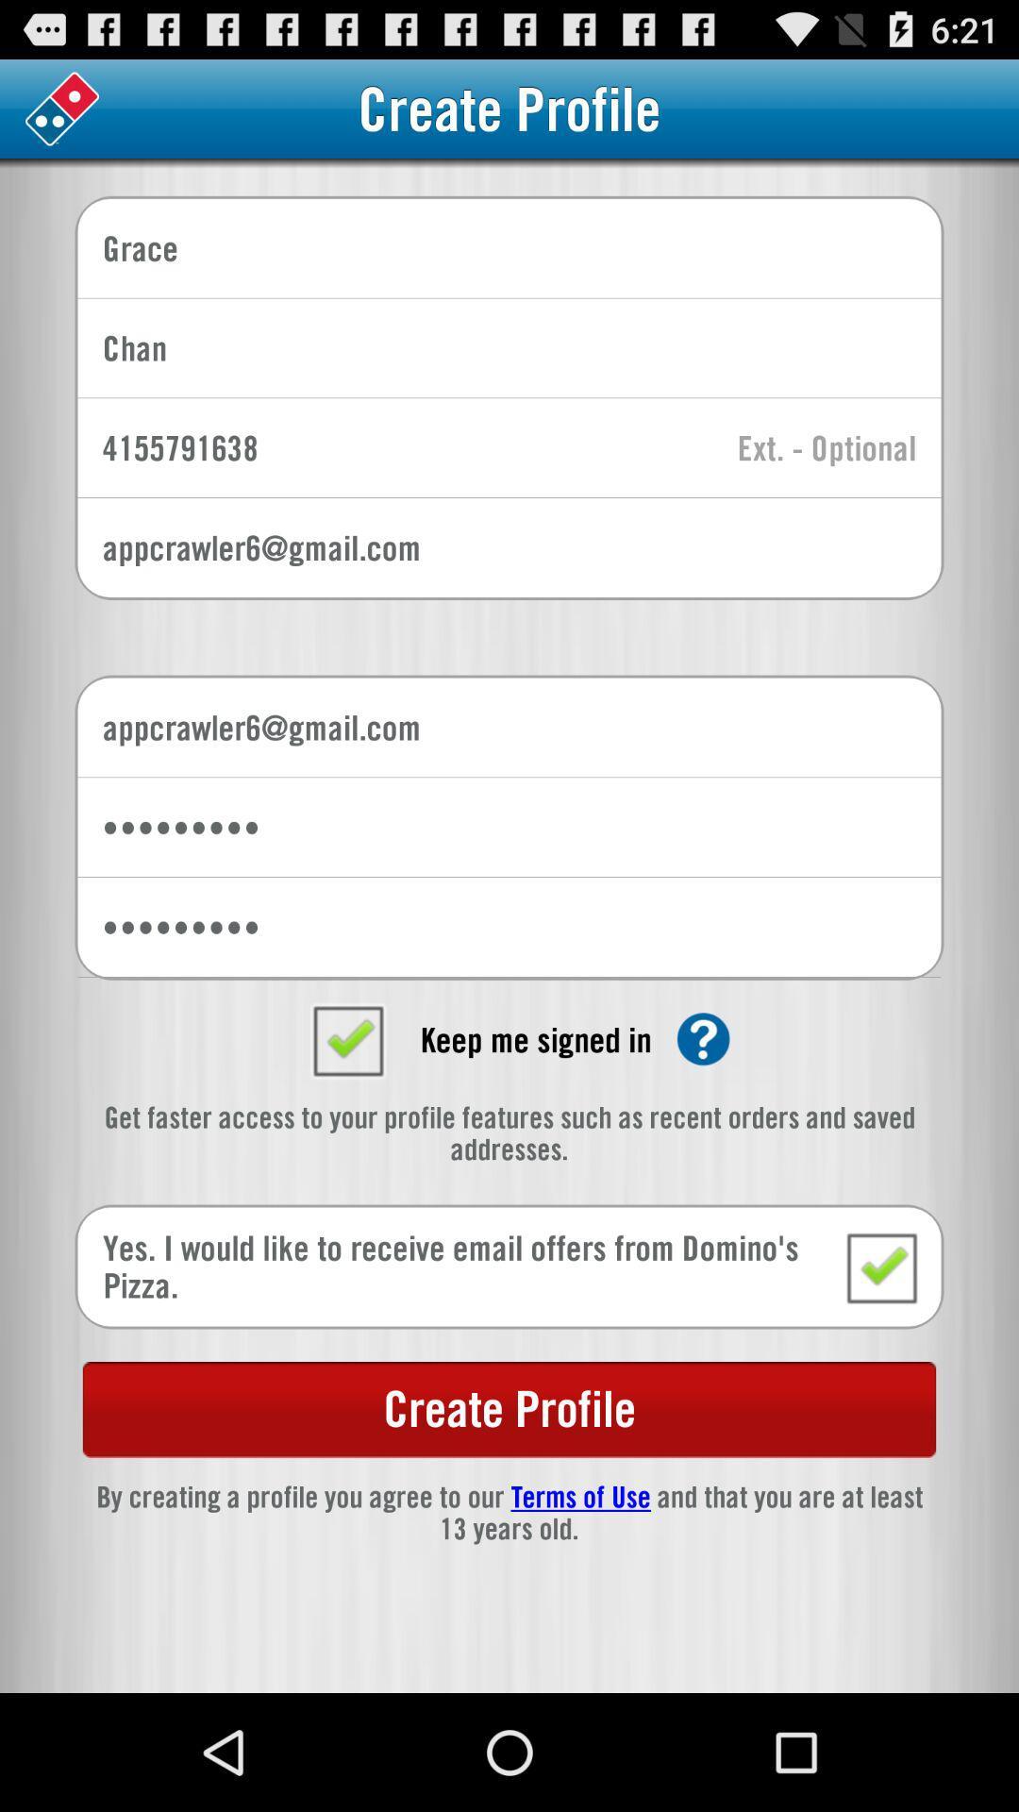  I want to click on box, so click(347, 1038).